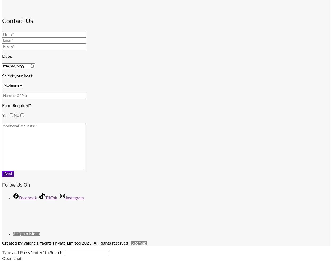  I want to click on 'Yes', so click(5, 115).